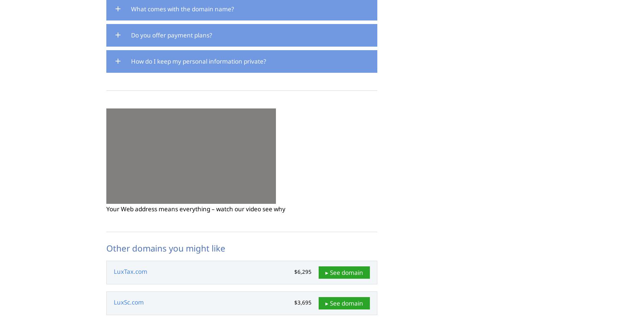  I want to click on 'How do I keep my personal information private?', so click(131, 60).